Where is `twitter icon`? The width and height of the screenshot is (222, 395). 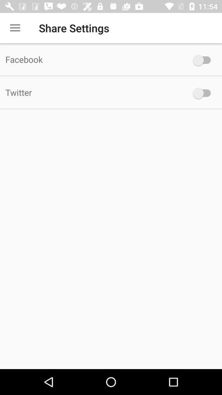 twitter icon is located at coordinates (92, 92).